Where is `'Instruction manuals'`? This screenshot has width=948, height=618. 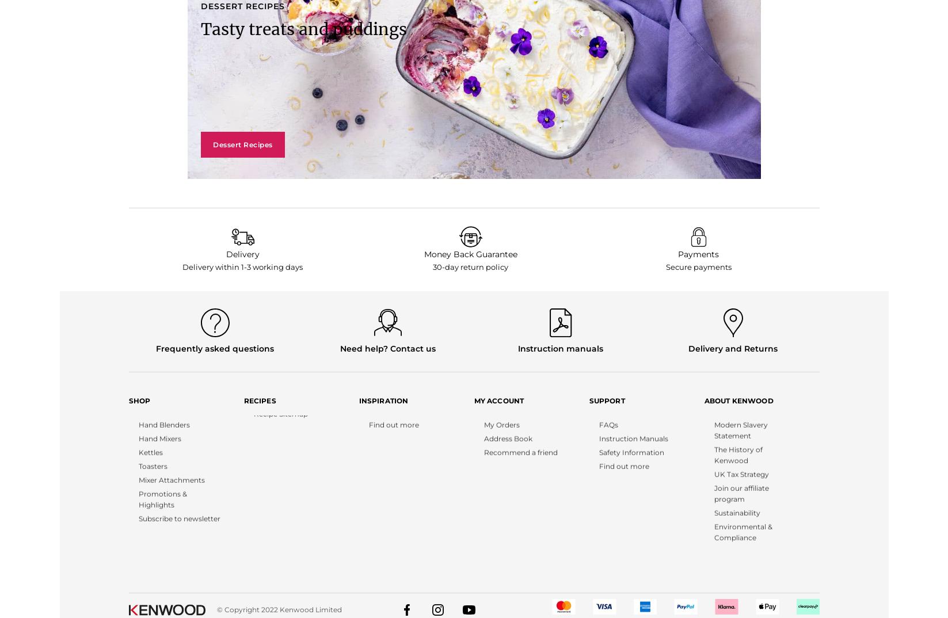 'Instruction manuals' is located at coordinates (559, 348).